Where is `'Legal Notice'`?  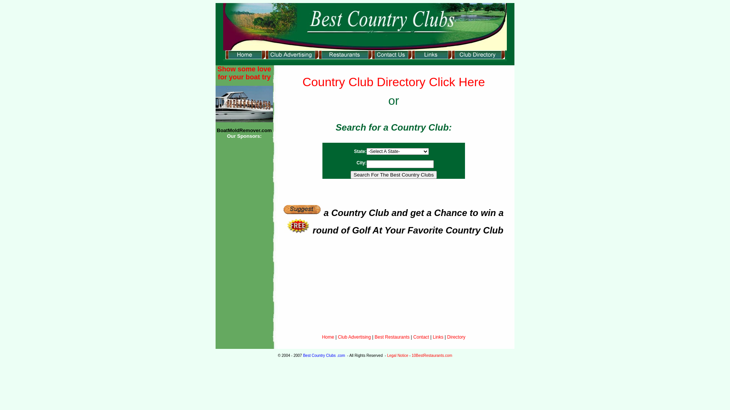
'Legal Notice' is located at coordinates (397, 355).